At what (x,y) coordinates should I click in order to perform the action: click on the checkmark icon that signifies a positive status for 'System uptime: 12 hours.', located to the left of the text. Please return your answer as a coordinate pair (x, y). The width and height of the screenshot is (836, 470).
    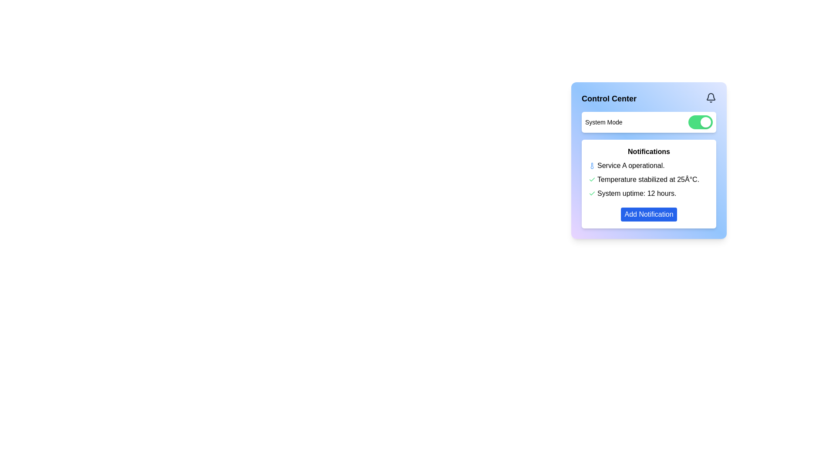
    Looking at the image, I should click on (592, 193).